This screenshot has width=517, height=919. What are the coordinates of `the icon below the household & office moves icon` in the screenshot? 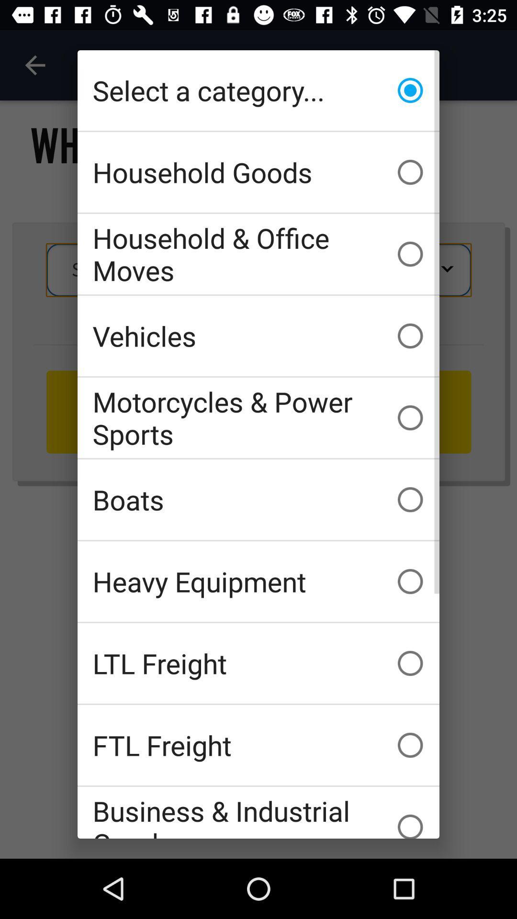 It's located at (258, 336).